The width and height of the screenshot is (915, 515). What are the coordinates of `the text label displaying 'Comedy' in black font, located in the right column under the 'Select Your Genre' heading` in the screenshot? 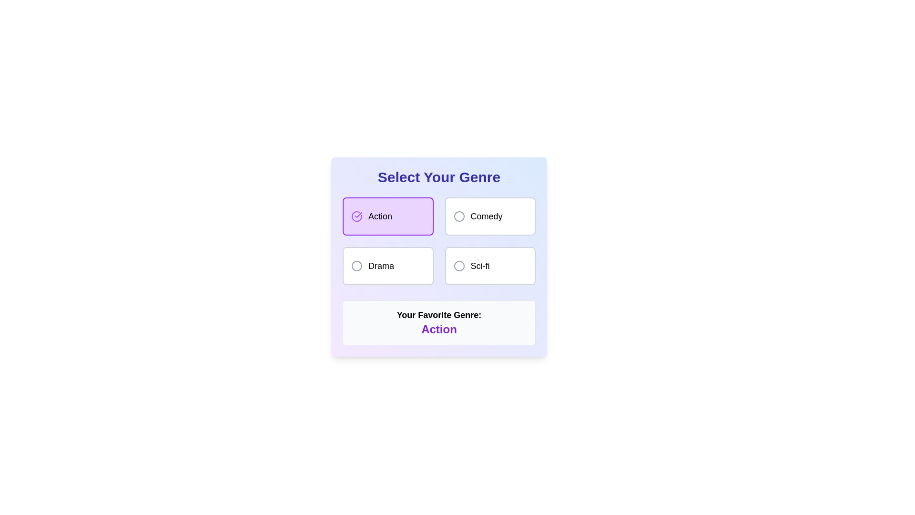 It's located at (487, 216).